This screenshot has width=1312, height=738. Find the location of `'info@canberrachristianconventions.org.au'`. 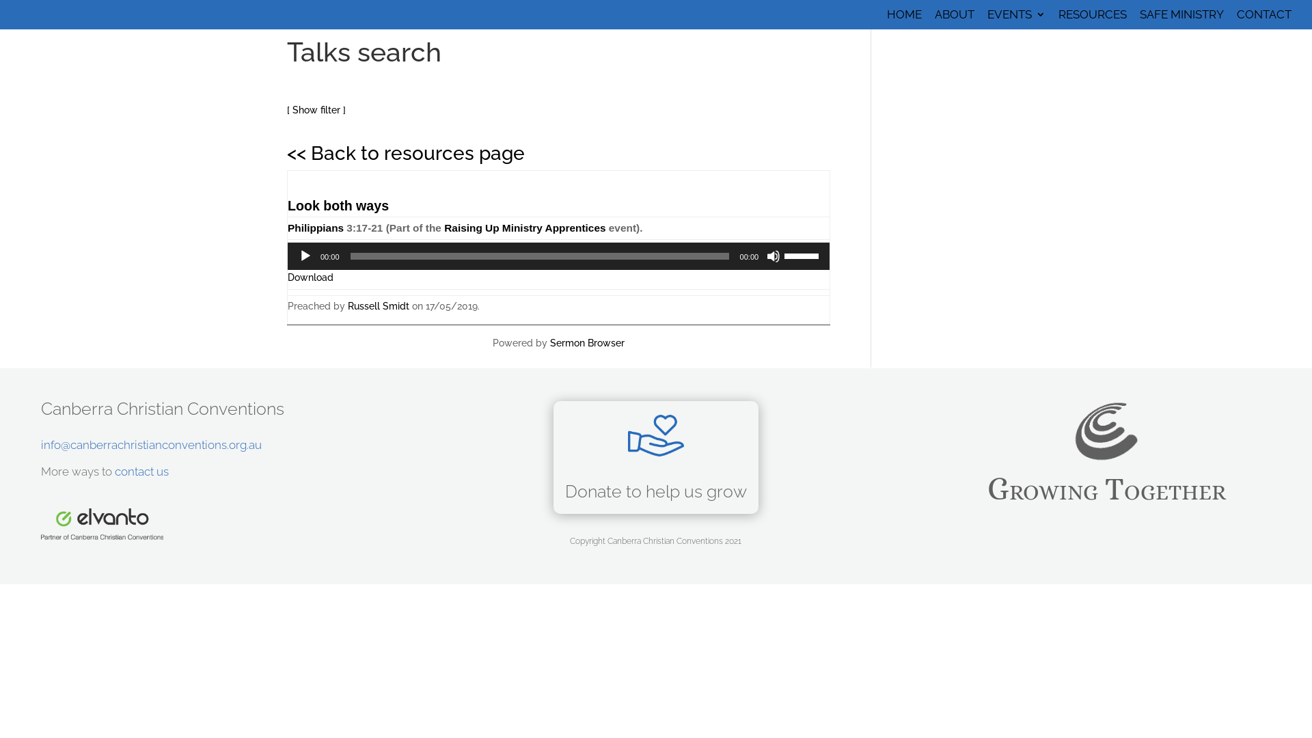

'info@canberrachristianconventions.org.au' is located at coordinates (151, 445).